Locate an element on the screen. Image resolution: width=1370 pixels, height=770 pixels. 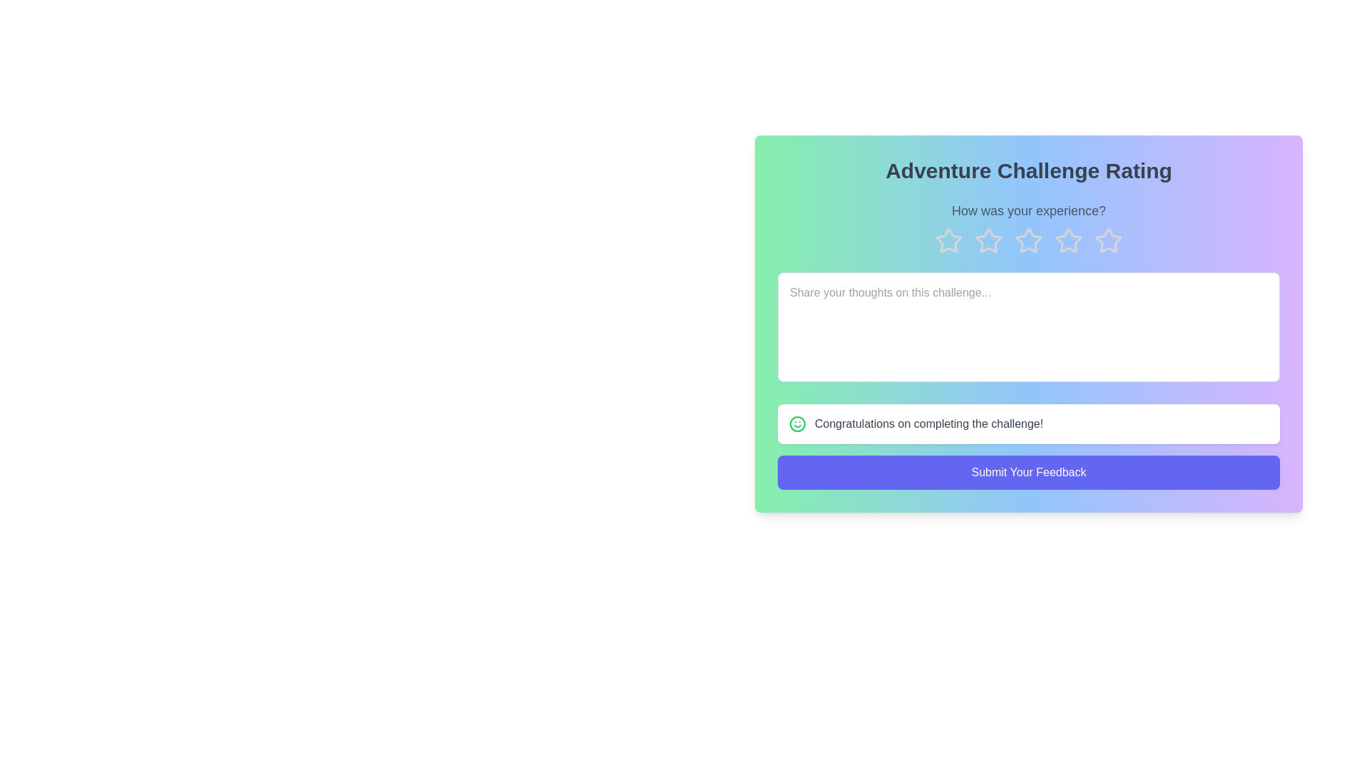
the first star icon button in the rating interface is located at coordinates (948, 240).